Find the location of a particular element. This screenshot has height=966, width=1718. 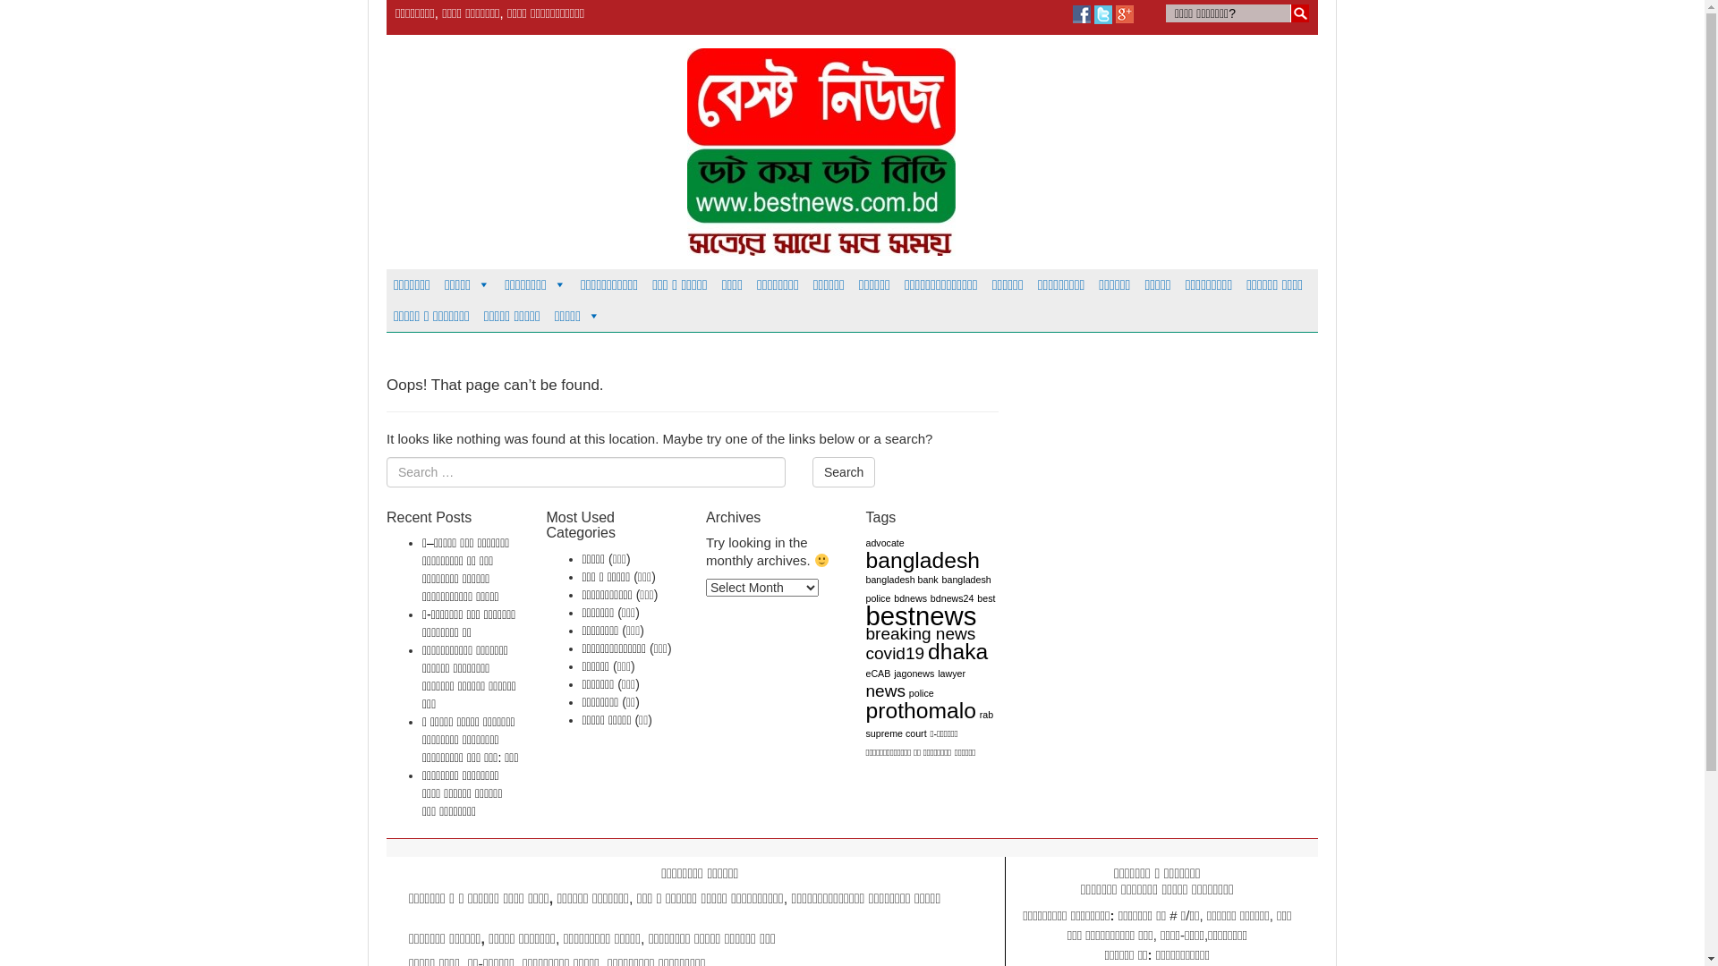

'supreme court' is located at coordinates (866, 733).